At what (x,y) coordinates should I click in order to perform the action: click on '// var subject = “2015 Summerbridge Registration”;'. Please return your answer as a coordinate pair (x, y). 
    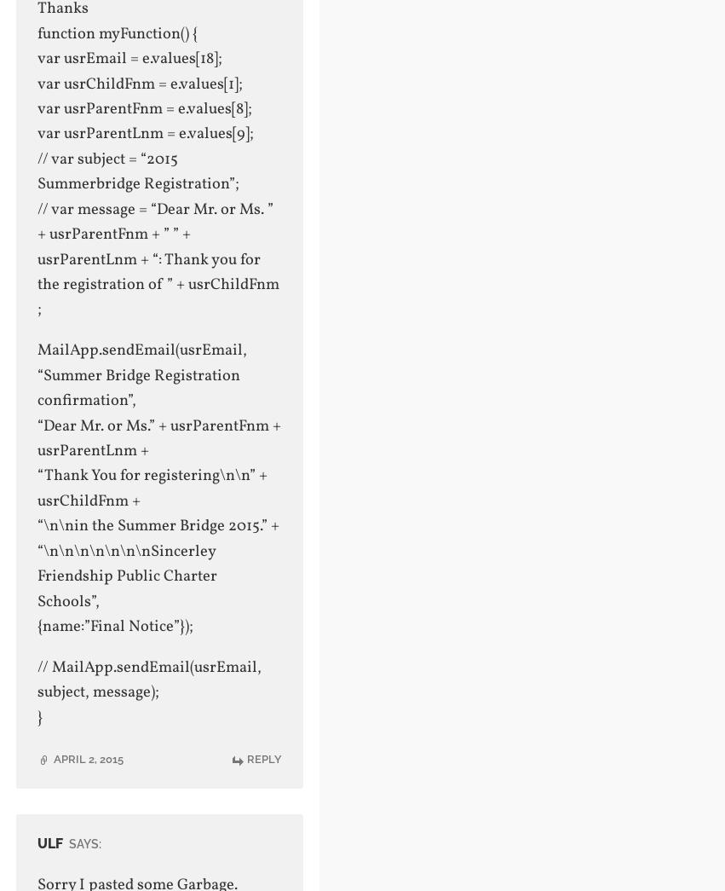
    Looking at the image, I should click on (136, 171).